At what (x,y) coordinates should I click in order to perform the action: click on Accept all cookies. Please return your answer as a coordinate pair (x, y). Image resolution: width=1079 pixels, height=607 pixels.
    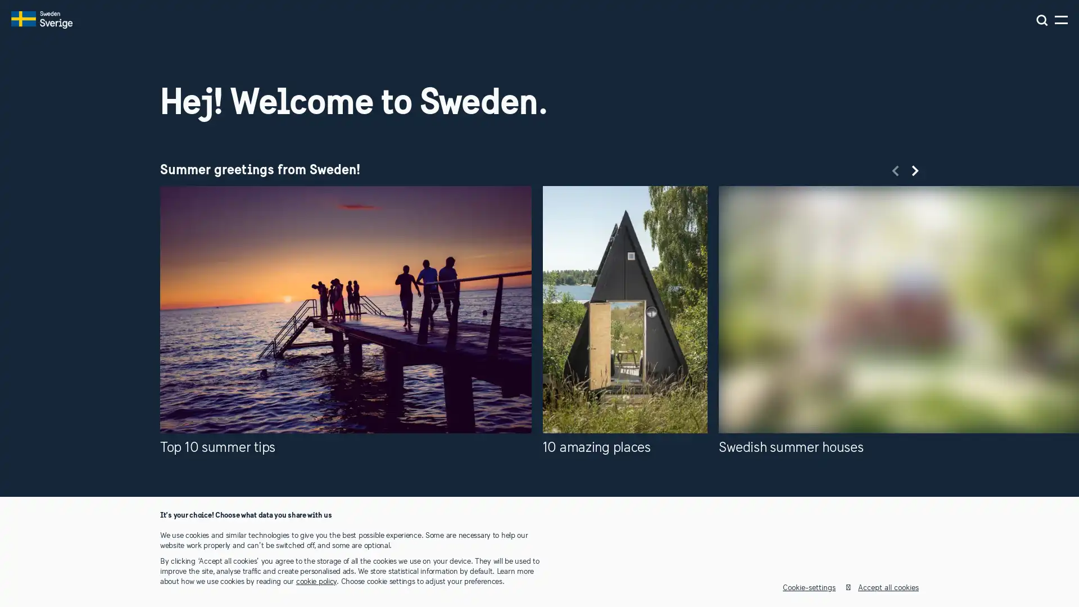
    Looking at the image, I should click on (881, 587).